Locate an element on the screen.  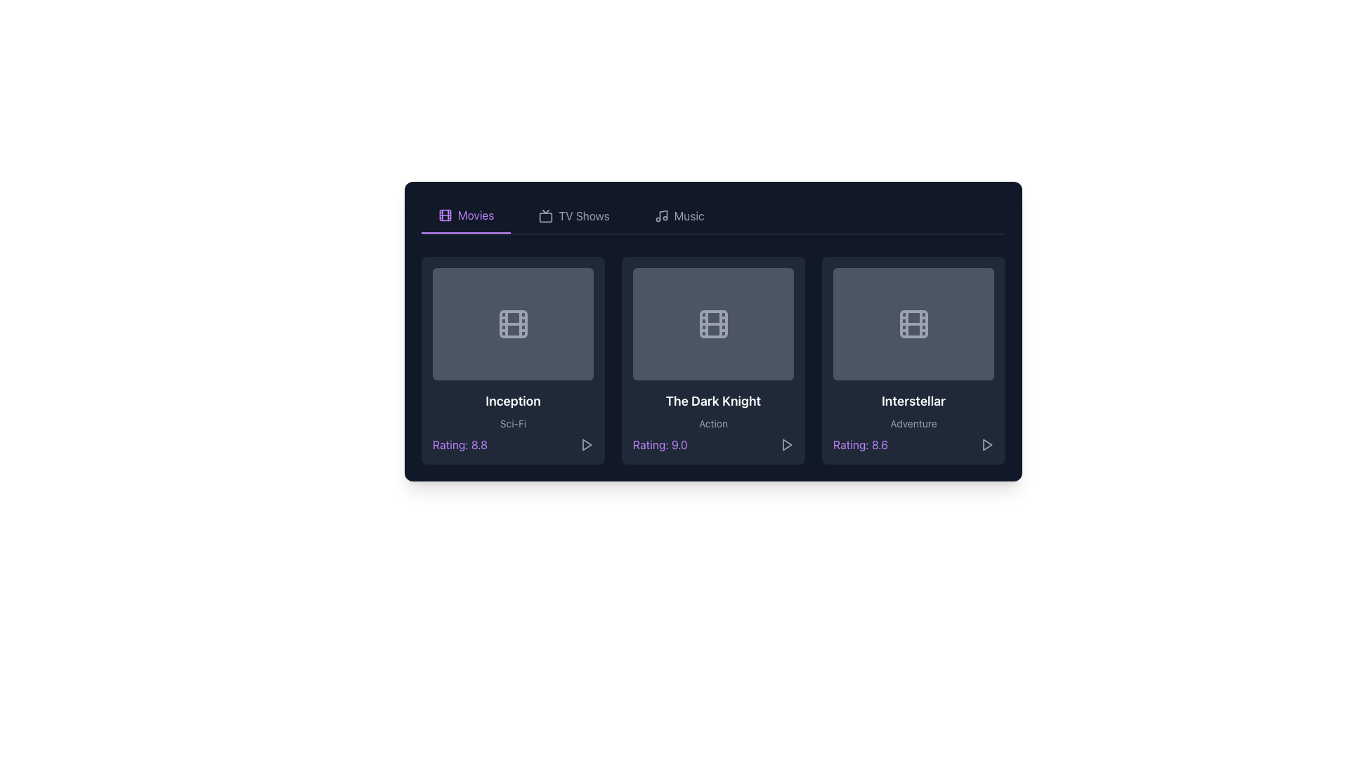
the third tab of the interactive navigation bar, which is labeled 'Music' is located at coordinates (679, 216).